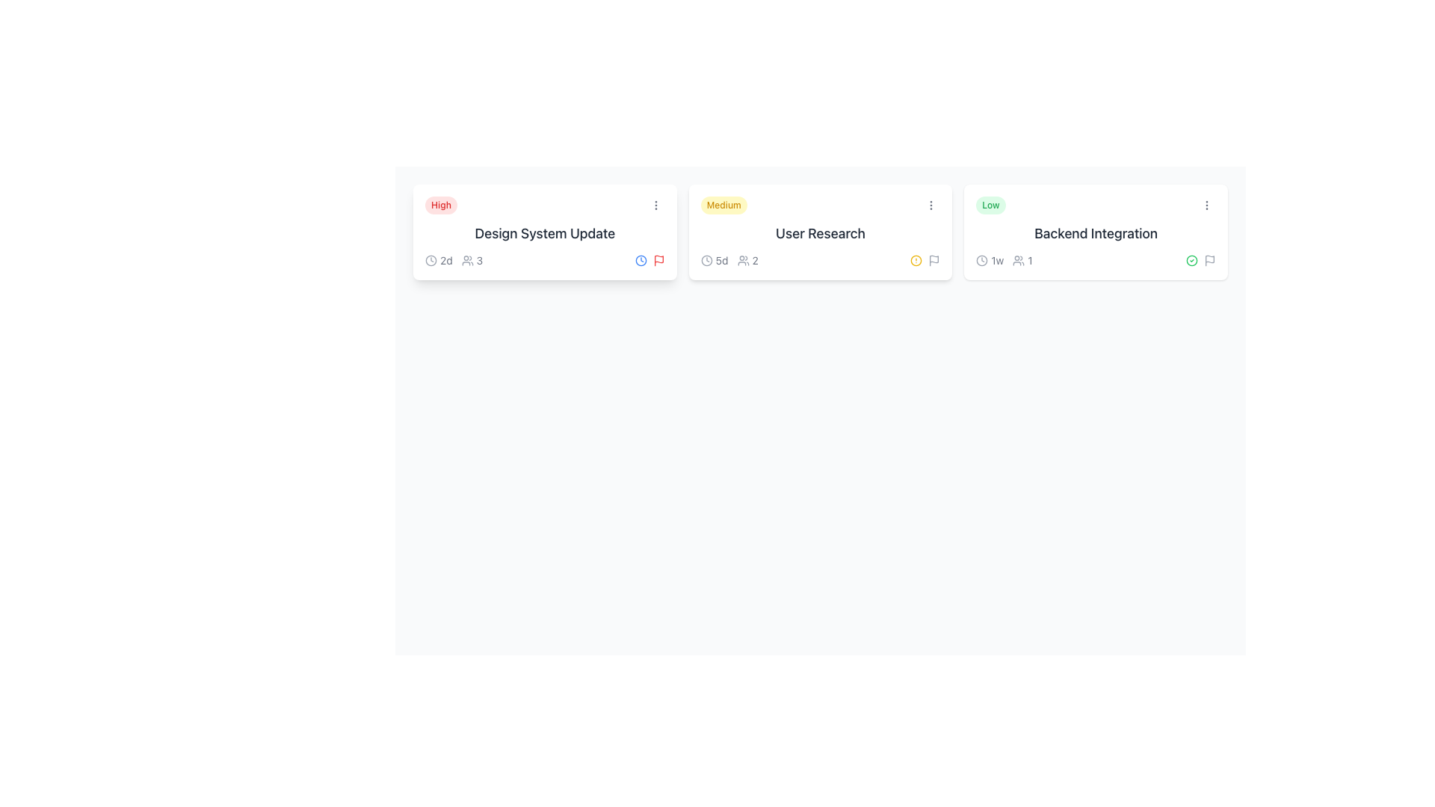 Image resolution: width=1435 pixels, height=807 pixels. What do you see at coordinates (723, 205) in the screenshot?
I see `text of the medium priority label located at the top-left corner of the card associated with 'User Research'` at bounding box center [723, 205].